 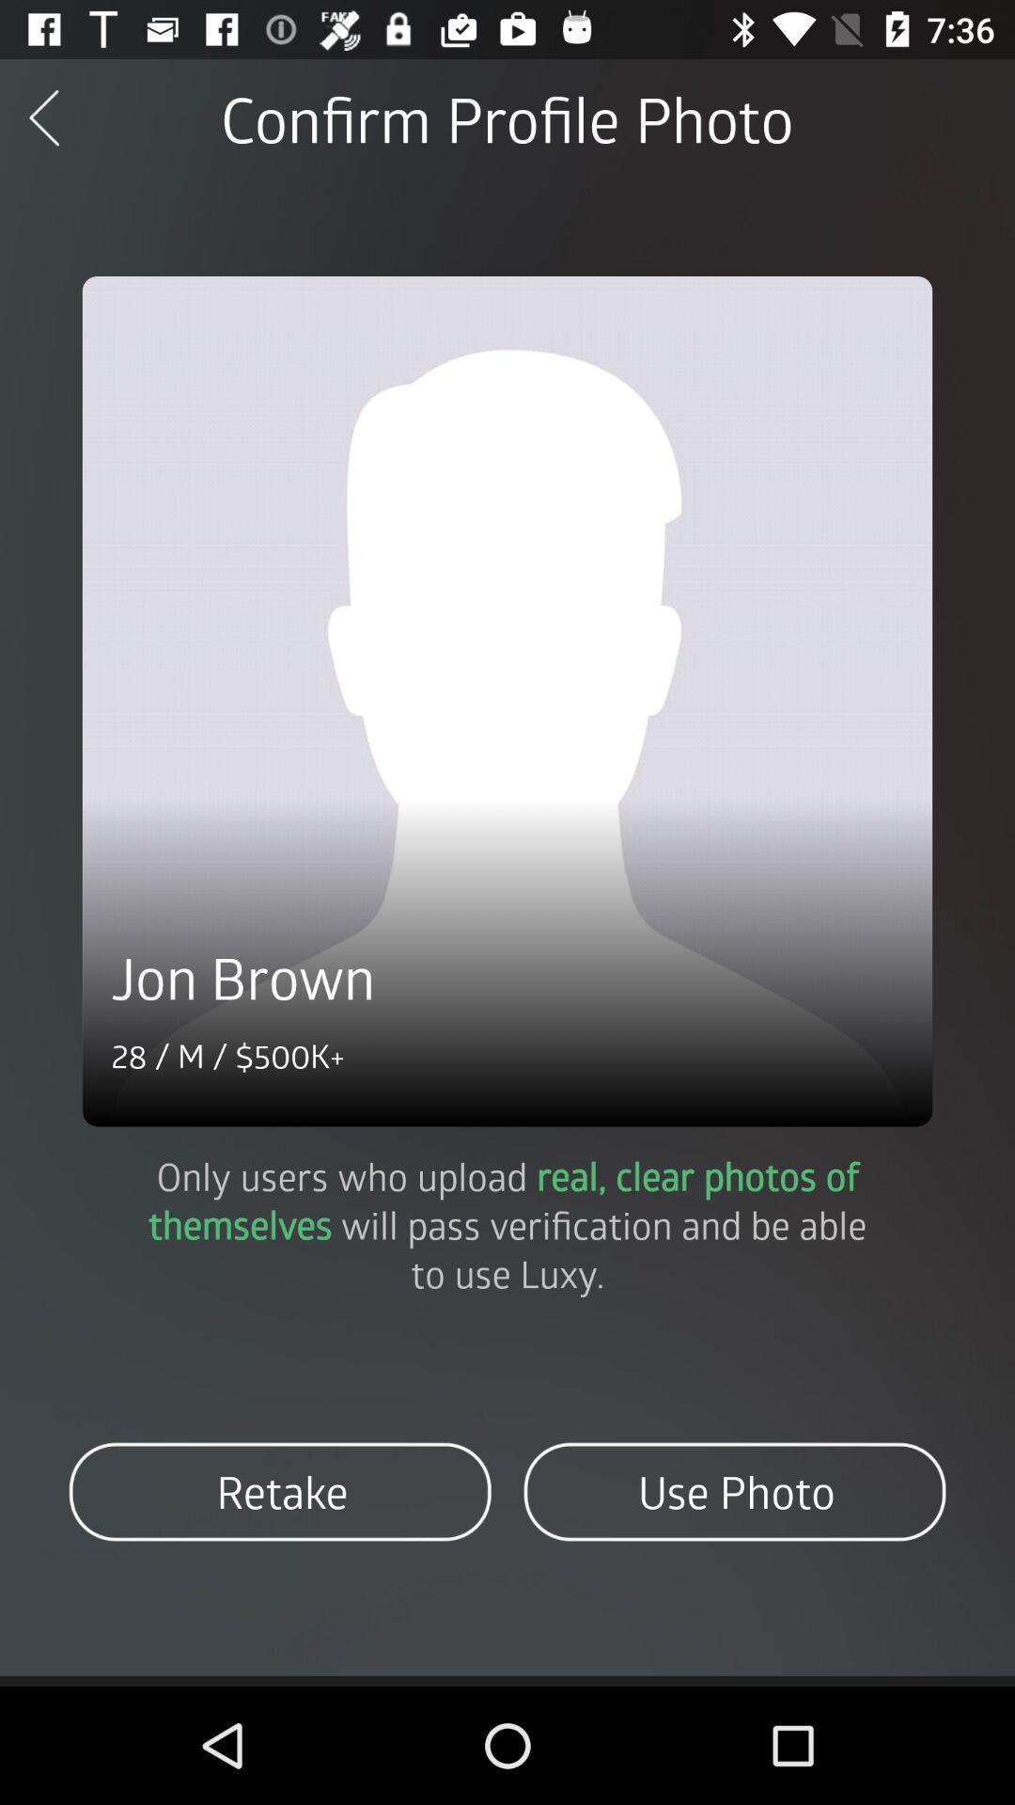 What do you see at coordinates (280, 1491) in the screenshot?
I see `the icon to the left of the use photo item` at bounding box center [280, 1491].